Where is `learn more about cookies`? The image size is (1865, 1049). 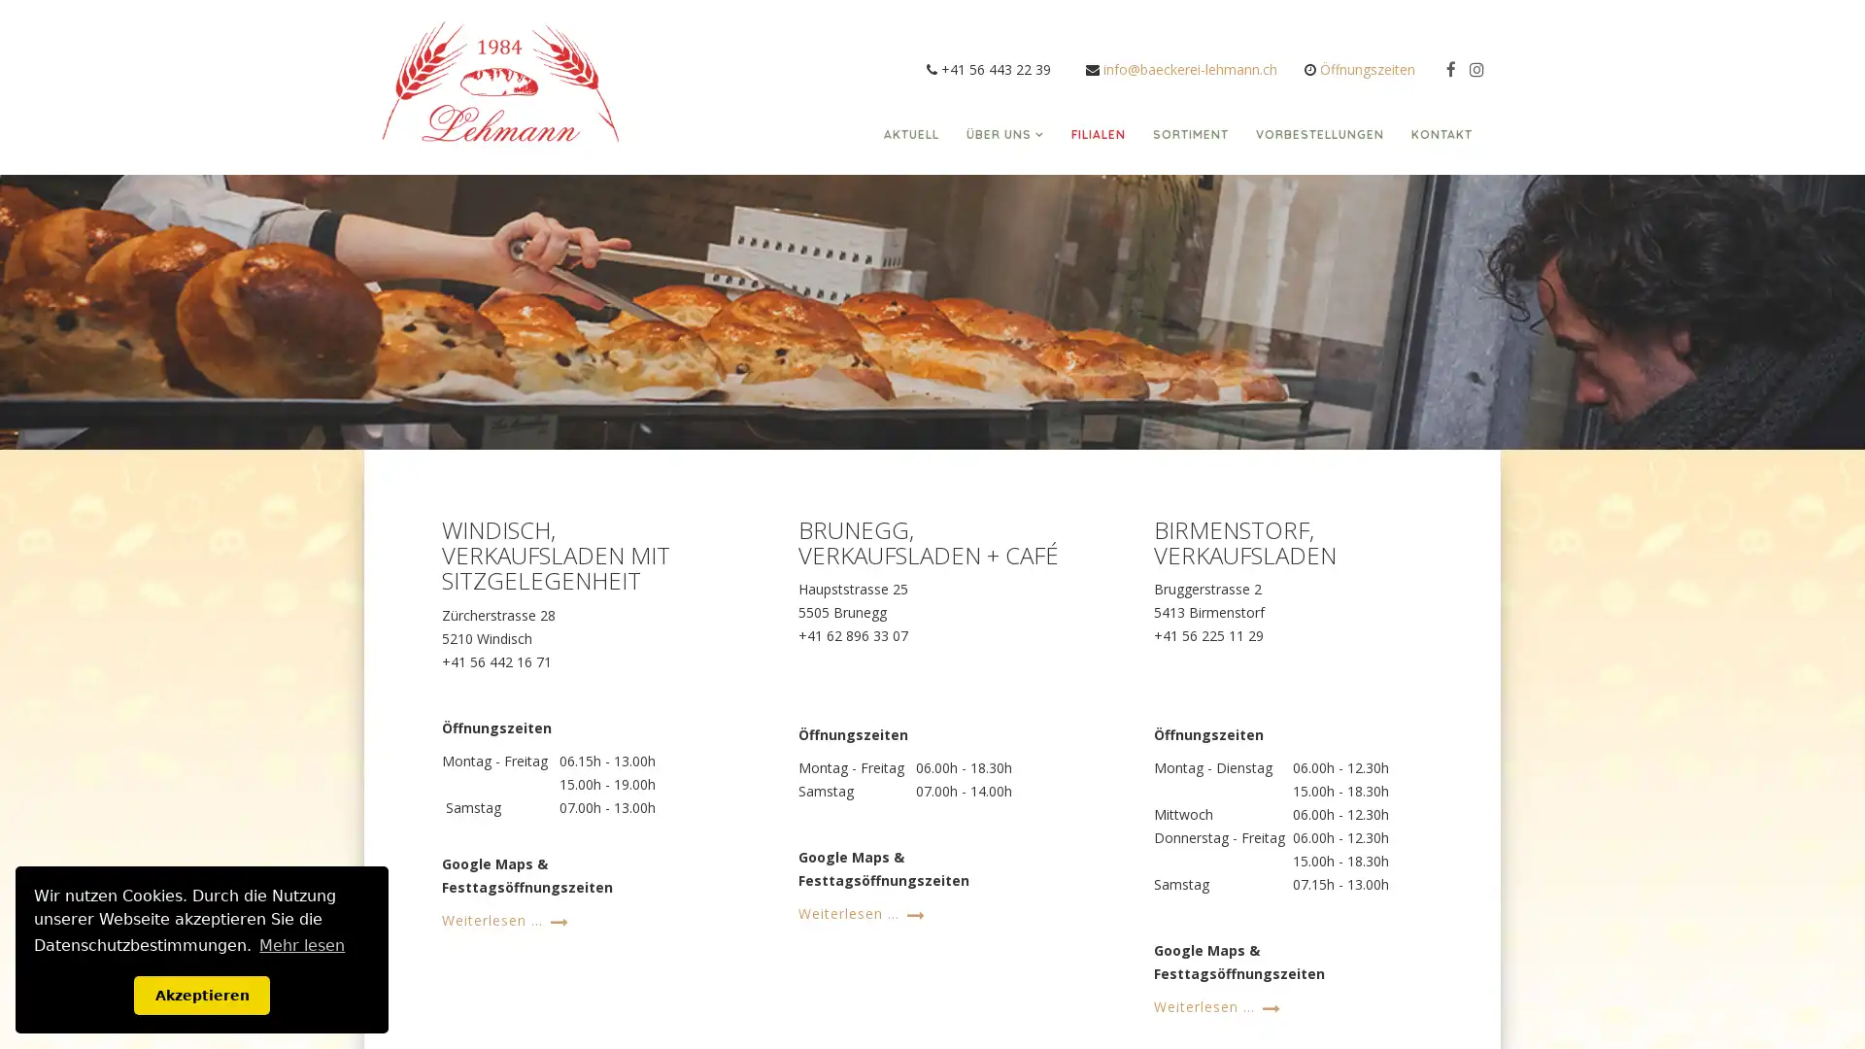
learn more about cookies is located at coordinates (301, 944).